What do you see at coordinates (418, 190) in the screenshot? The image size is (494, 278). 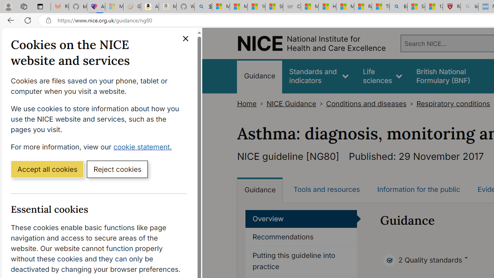 I see `'Information for the public'` at bounding box center [418, 190].